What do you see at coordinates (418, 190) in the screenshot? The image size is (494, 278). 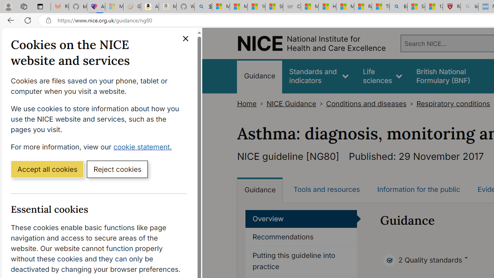 I see `'Information for the public'` at bounding box center [418, 190].